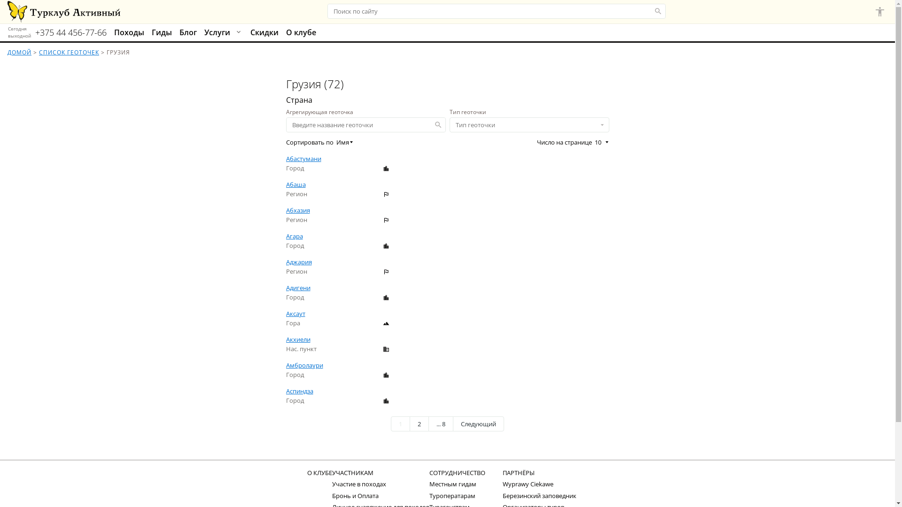  Describe the element at coordinates (528, 484) in the screenshot. I see `'Wyprawy Ciekawe'` at that location.